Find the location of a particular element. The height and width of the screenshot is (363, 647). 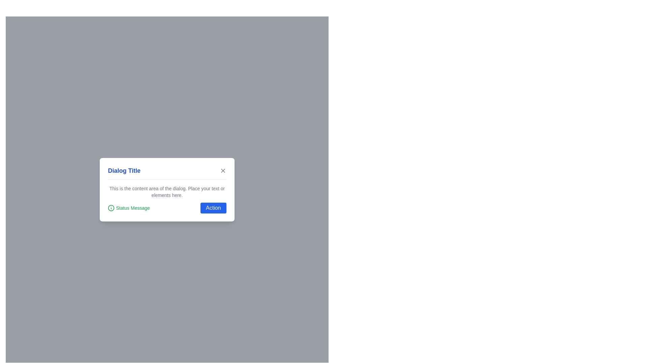

the static informative element displaying status text and an icon, located in the dialog box above the 'Action' button is located at coordinates (129, 207).